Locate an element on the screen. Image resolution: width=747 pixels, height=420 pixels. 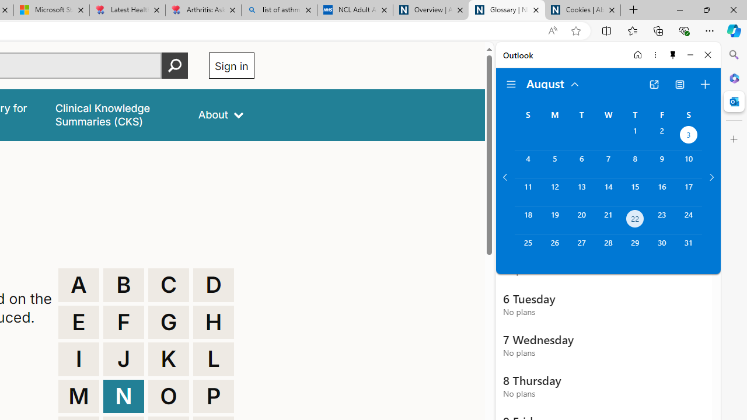
'Sunday, August 25, 2024. ' is located at coordinates (527, 247).